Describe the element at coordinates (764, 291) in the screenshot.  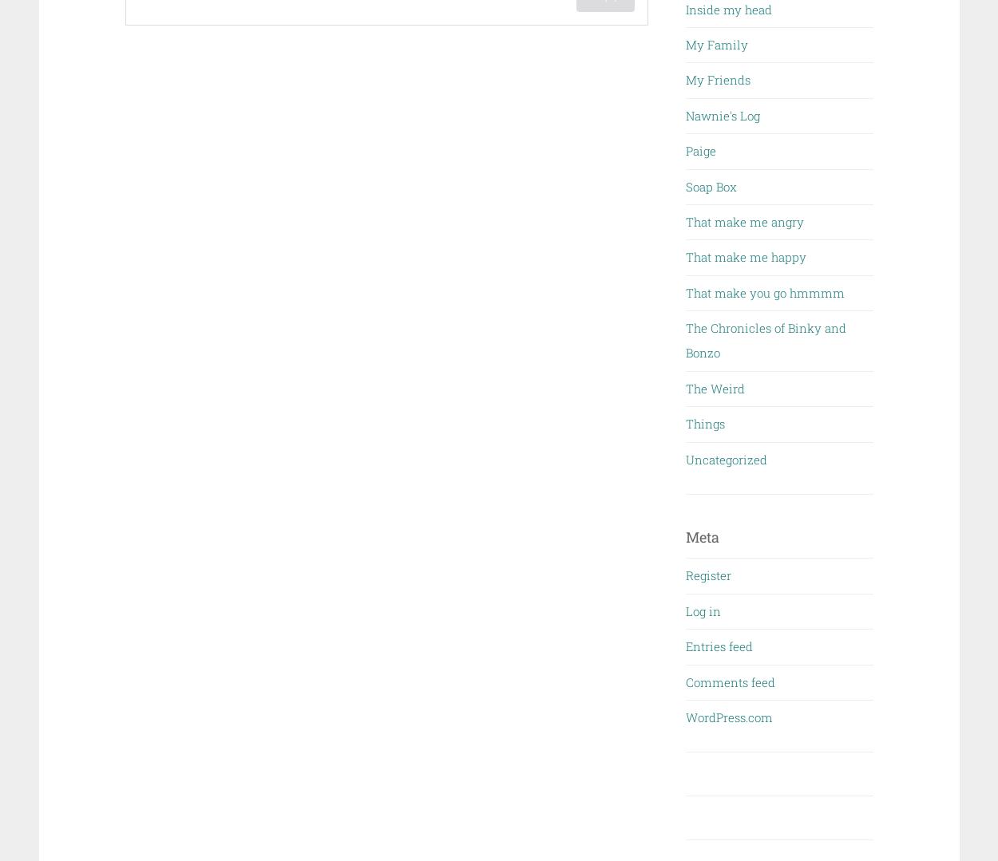
I see `'That make you go hmmmm'` at that location.